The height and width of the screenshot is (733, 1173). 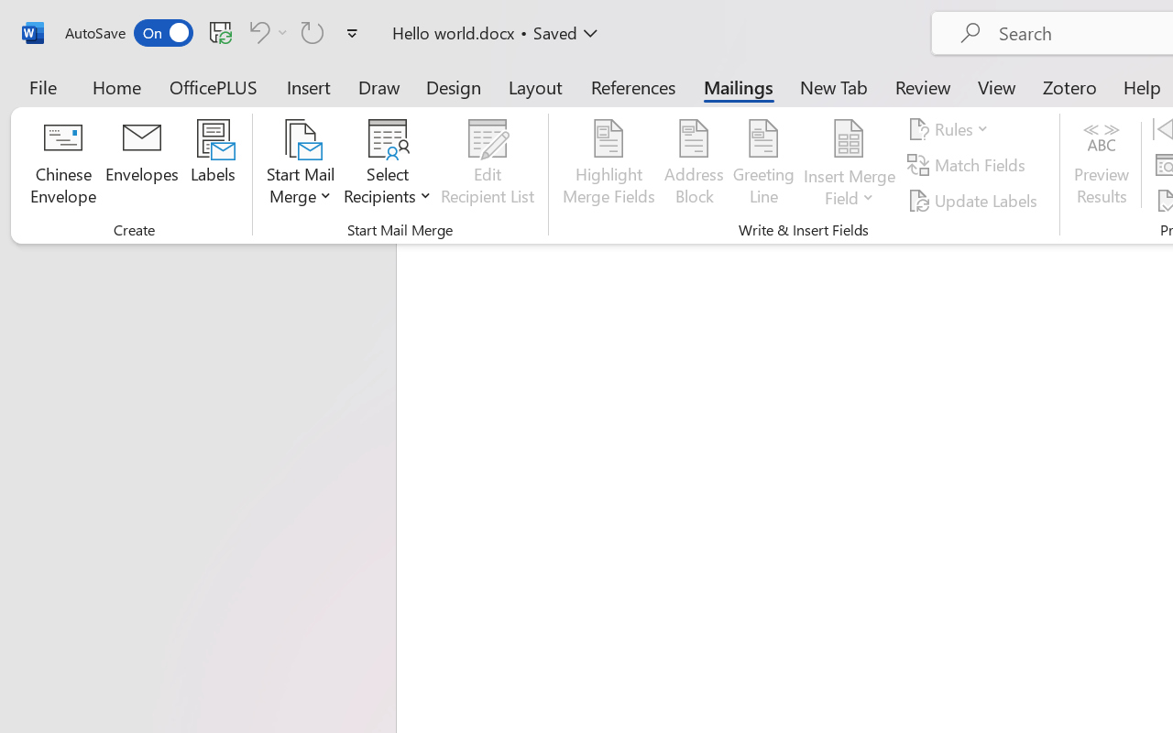 I want to click on 'Layout', so click(x=534, y=86).